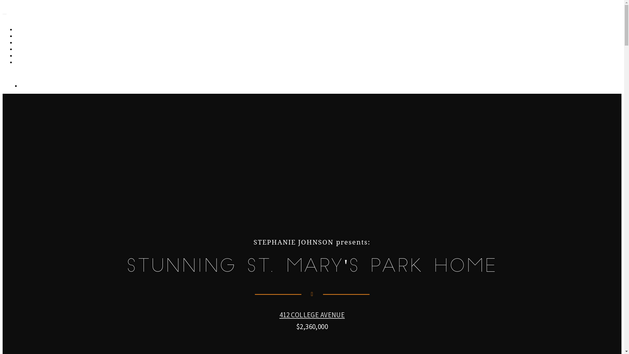  Describe the element at coordinates (312, 314) in the screenshot. I see `'412 COLLEGE AVENUE'` at that location.